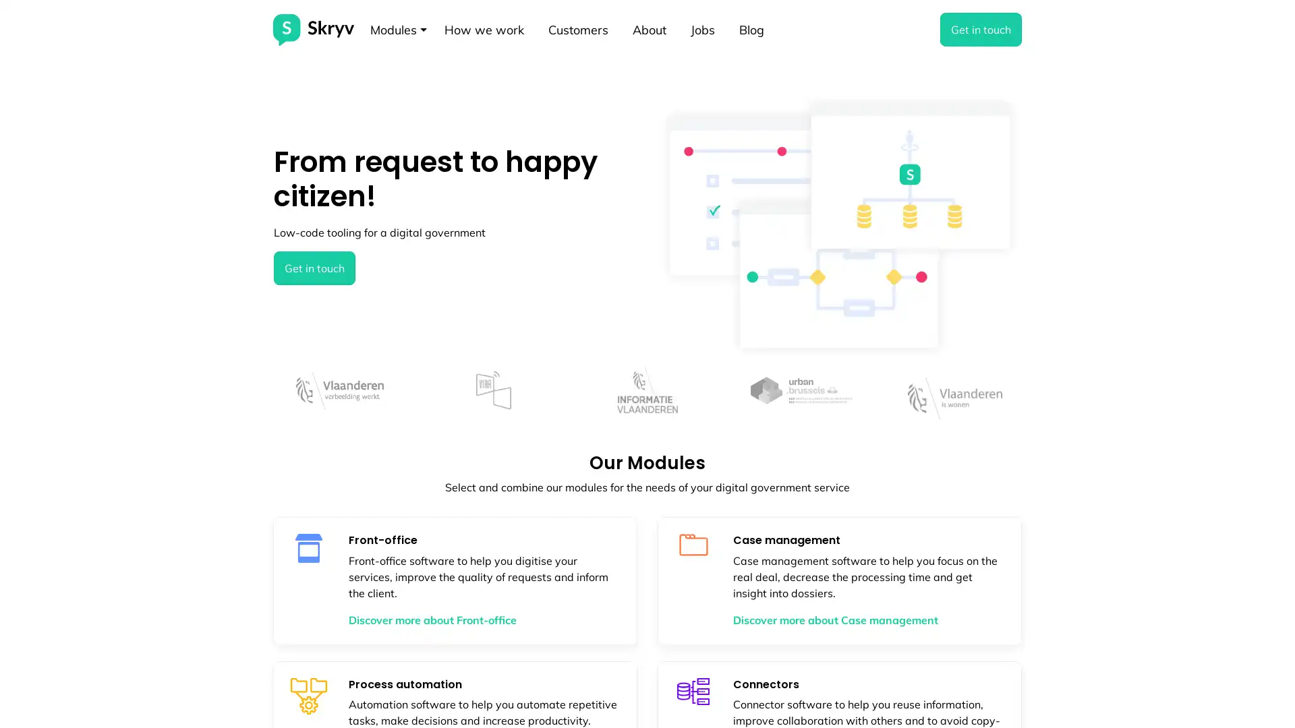 The width and height of the screenshot is (1295, 728). What do you see at coordinates (981, 29) in the screenshot?
I see `Get in touch` at bounding box center [981, 29].